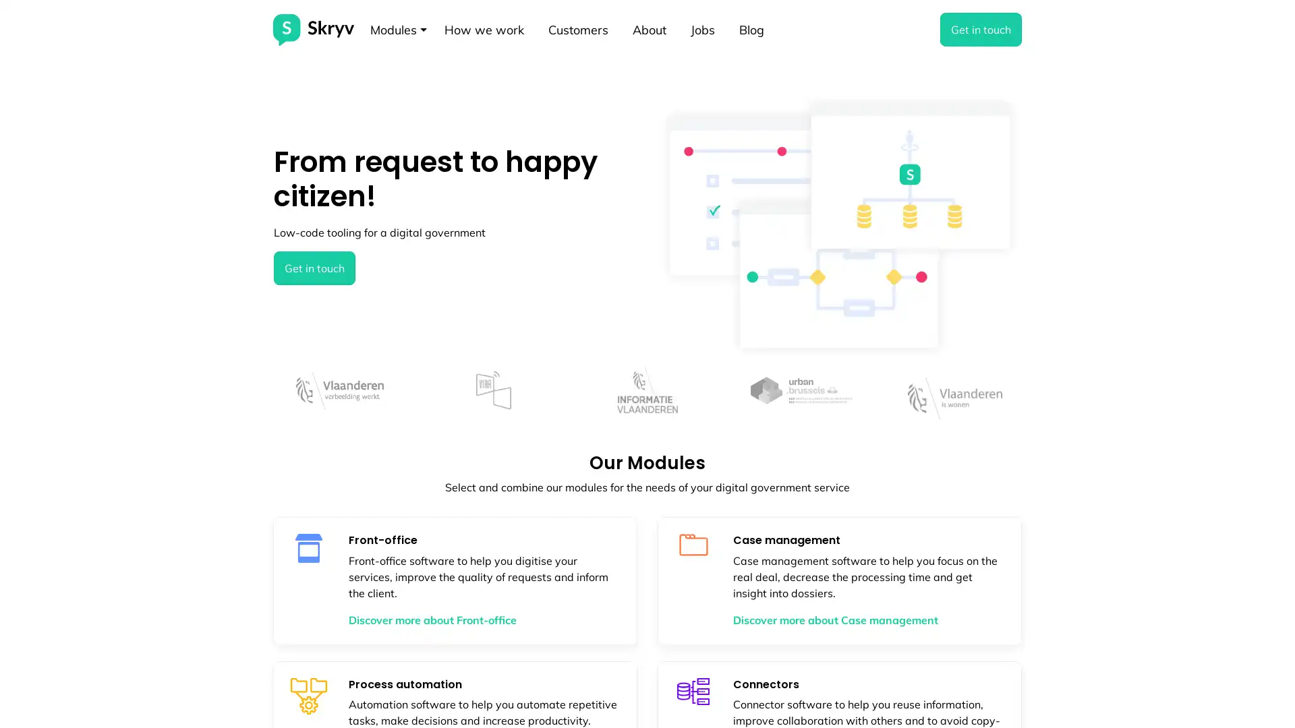 The width and height of the screenshot is (1295, 728). What do you see at coordinates (981, 29) in the screenshot?
I see `Get in touch` at bounding box center [981, 29].